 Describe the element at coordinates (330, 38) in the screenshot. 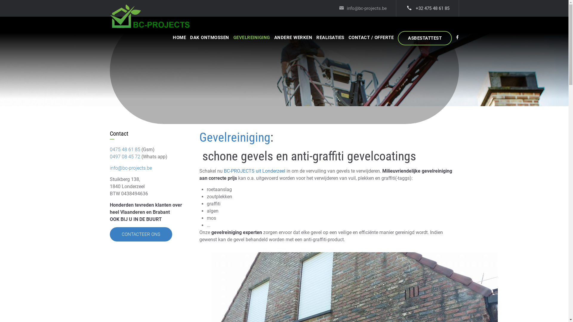

I see `'REALISATIES'` at that location.